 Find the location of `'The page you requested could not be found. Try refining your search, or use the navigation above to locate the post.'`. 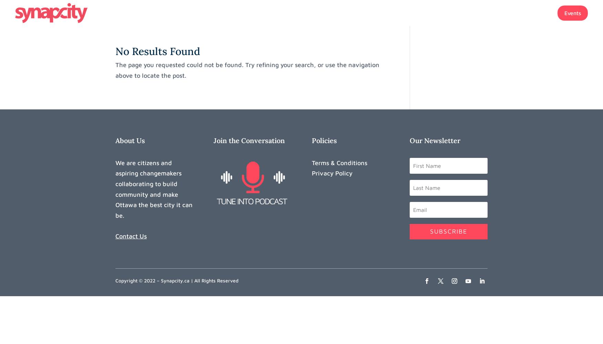

'The page you requested could not be found. Try refining your search, or use the navigation above to locate the post.' is located at coordinates (115, 69).